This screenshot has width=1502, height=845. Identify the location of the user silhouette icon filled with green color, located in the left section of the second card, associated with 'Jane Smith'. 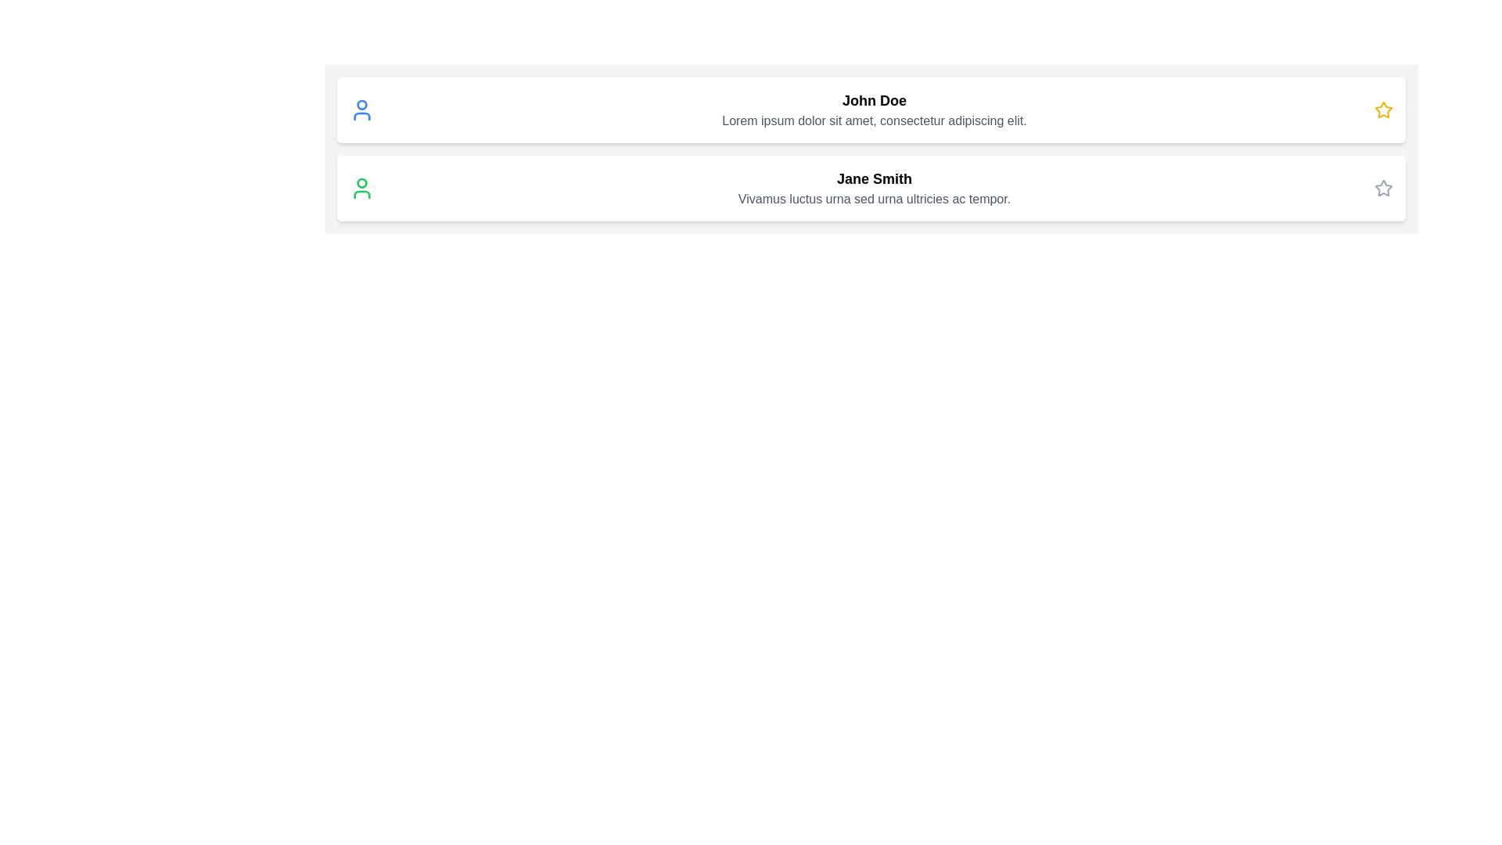
(361, 187).